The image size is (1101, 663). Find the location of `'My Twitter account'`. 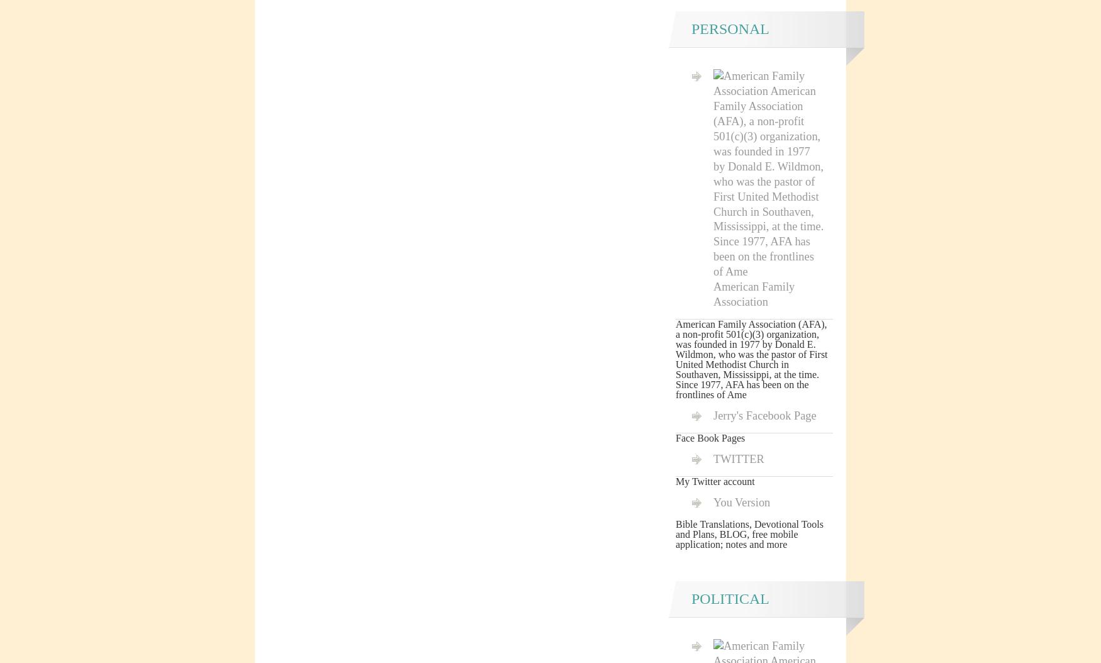

'My Twitter account' is located at coordinates (714, 481).